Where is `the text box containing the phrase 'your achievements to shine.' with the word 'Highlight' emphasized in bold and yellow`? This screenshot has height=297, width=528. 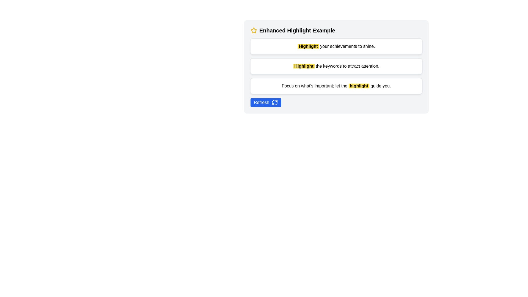 the text box containing the phrase 'your achievements to shine.' with the word 'Highlight' emphasized in bold and yellow is located at coordinates (336, 46).